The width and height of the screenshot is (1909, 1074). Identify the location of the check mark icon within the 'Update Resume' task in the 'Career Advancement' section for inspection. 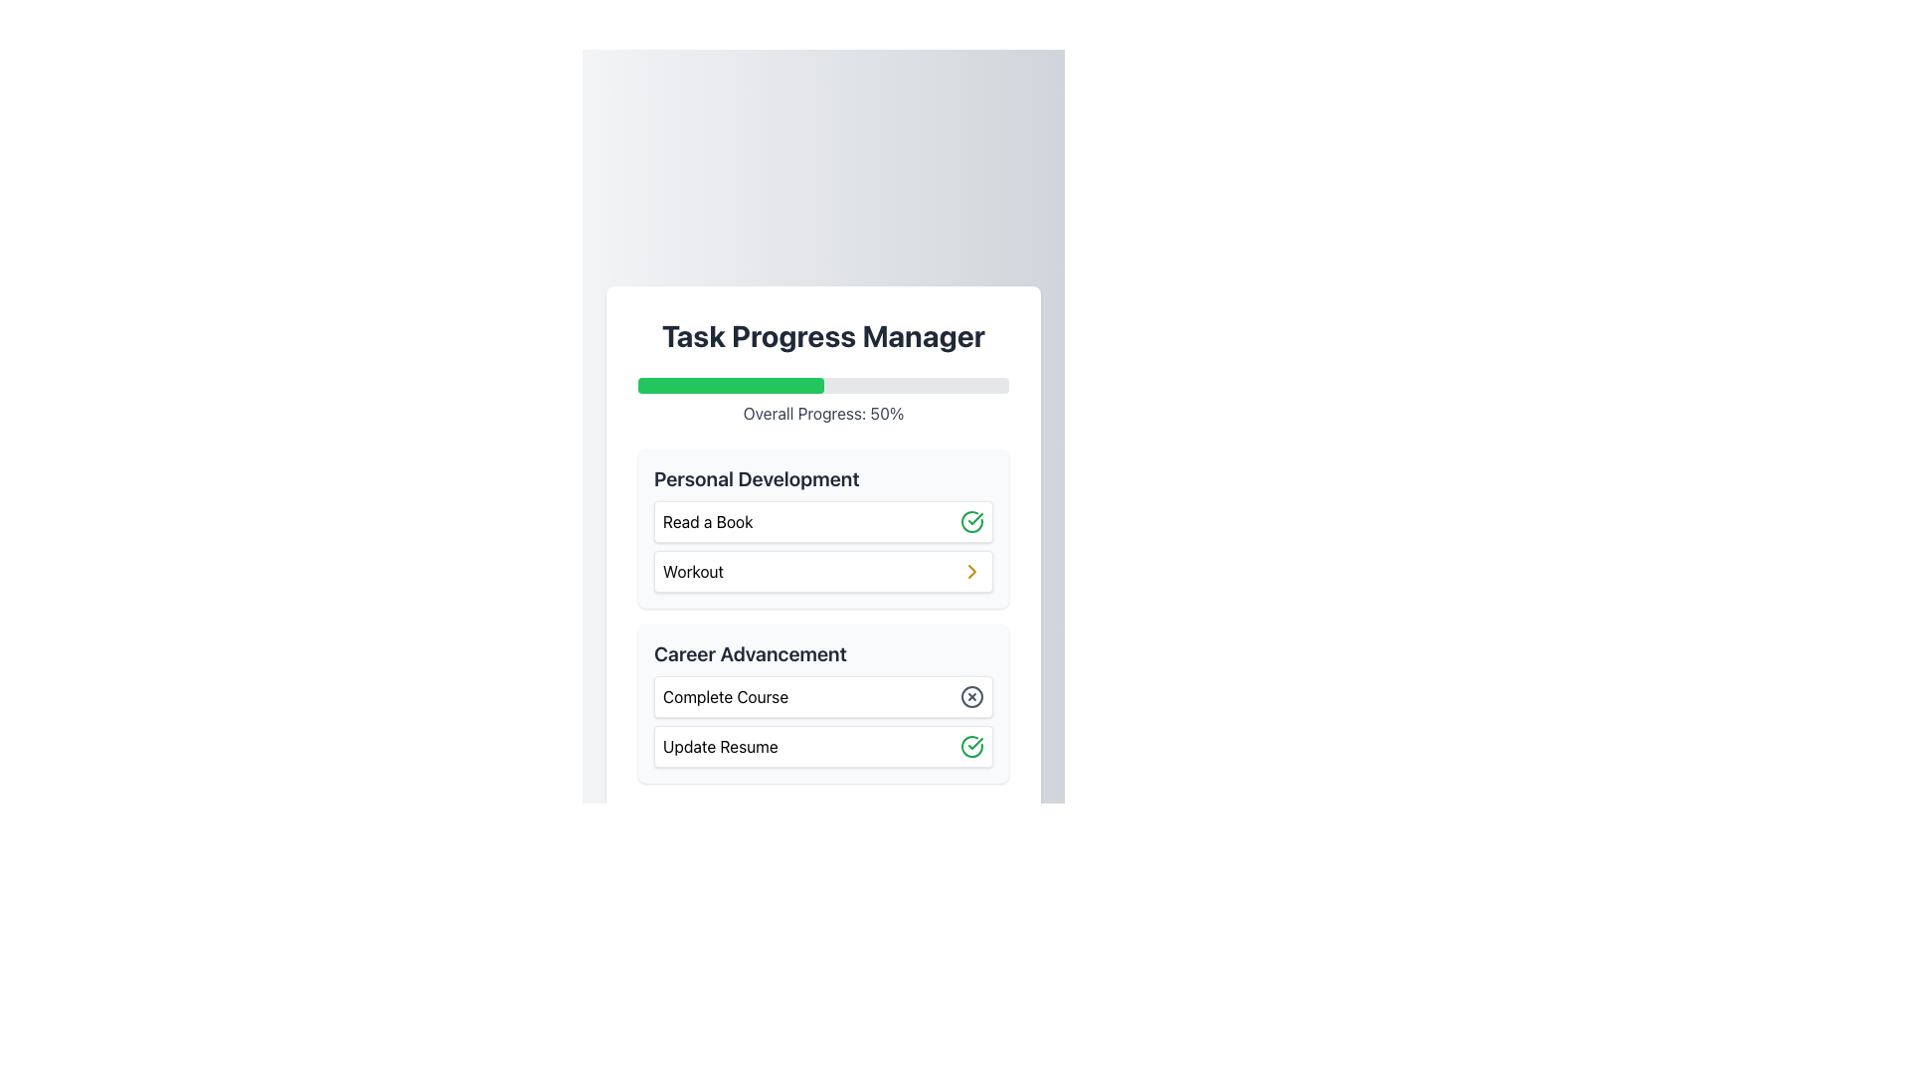
(975, 517).